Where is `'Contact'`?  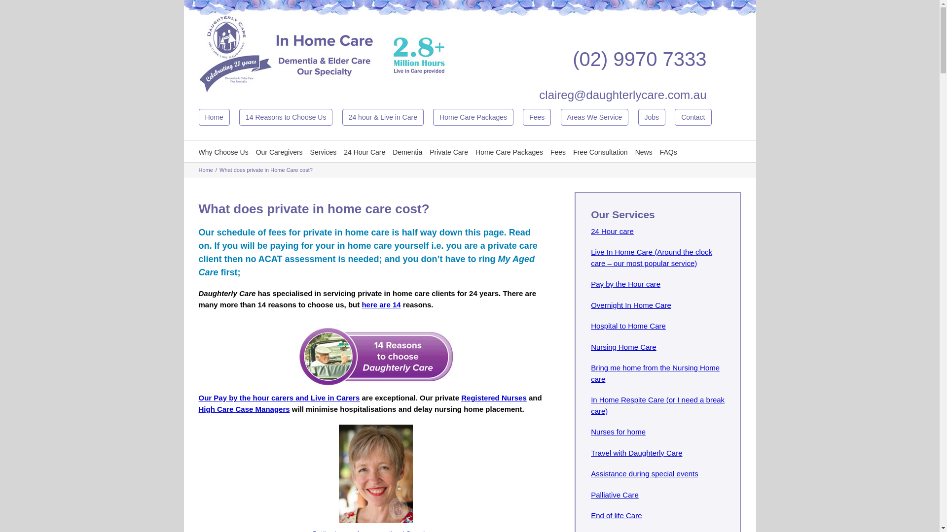
'Contact' is located at coordinates (696, 116).